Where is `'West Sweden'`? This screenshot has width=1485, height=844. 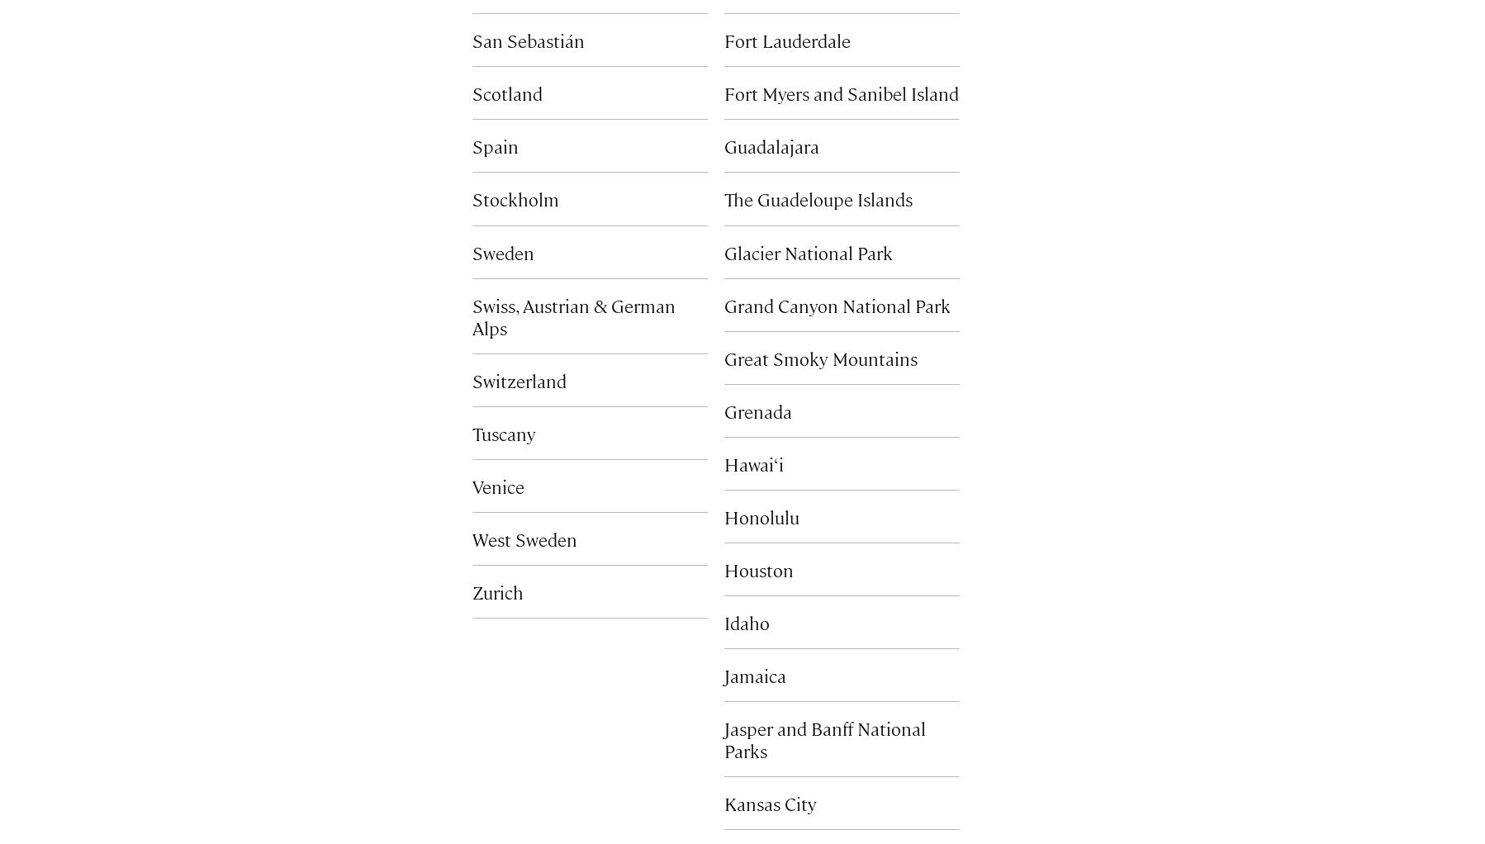 'West Sweden' is located at coordinates (524, 538).